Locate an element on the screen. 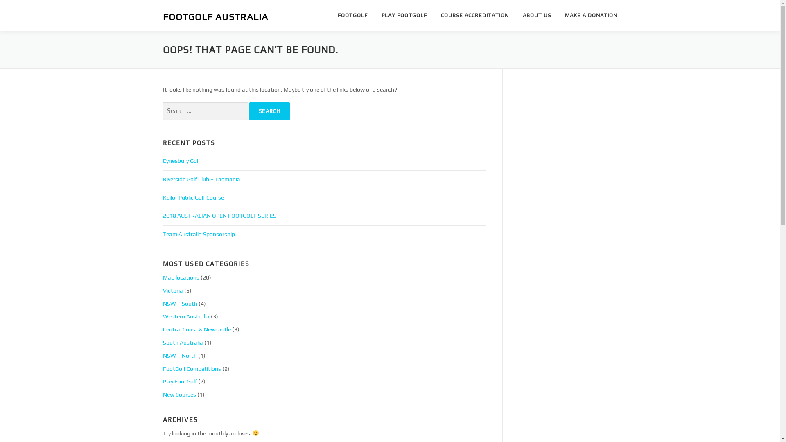 This screenshot has height=442, width=786. 'PLAY FOOTGOLF' is located at coordinates (404, 15).